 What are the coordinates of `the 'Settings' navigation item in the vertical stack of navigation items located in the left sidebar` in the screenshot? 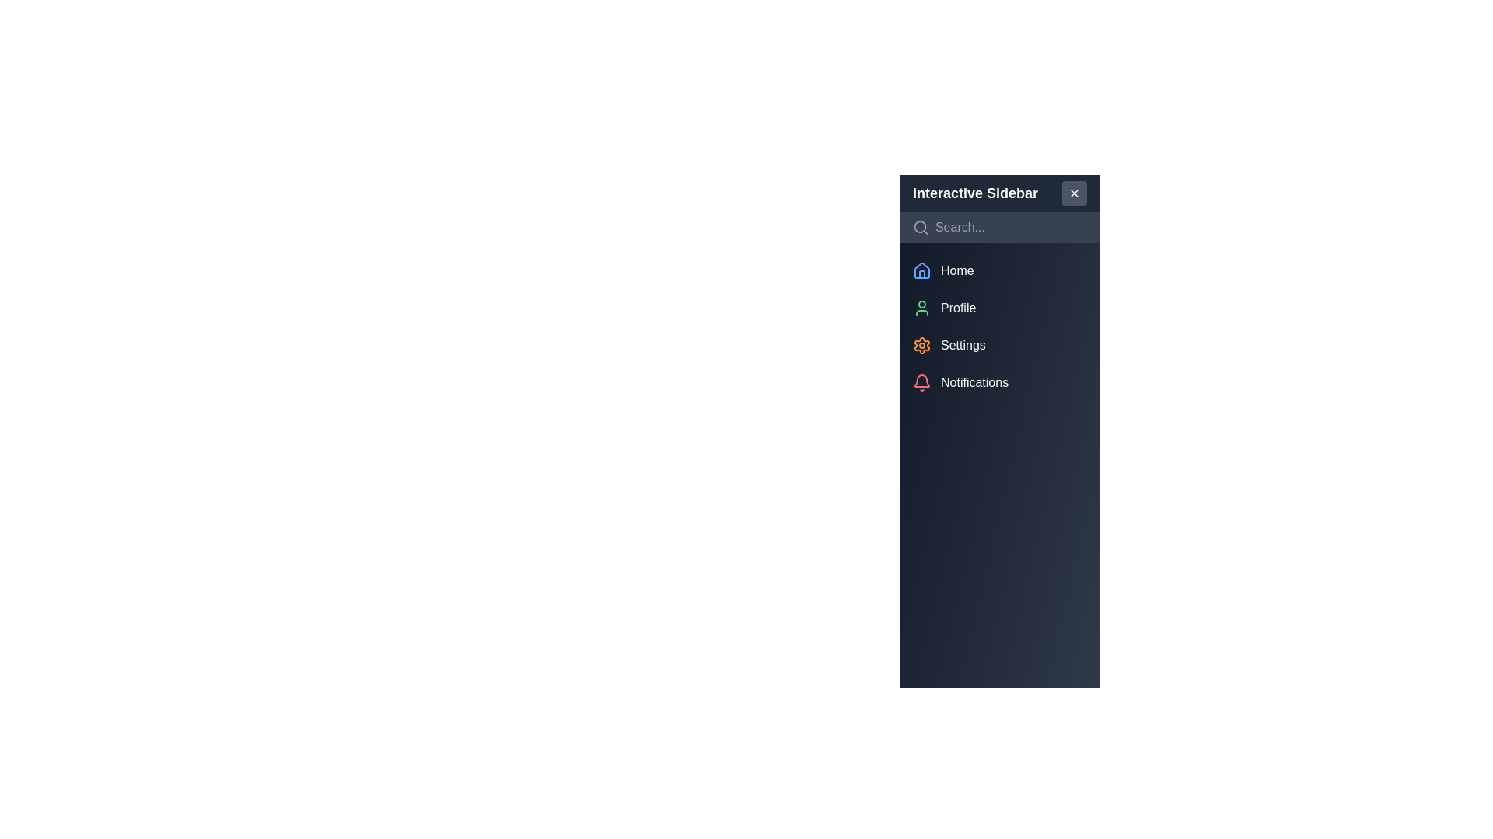 It's located at (1000, 326).